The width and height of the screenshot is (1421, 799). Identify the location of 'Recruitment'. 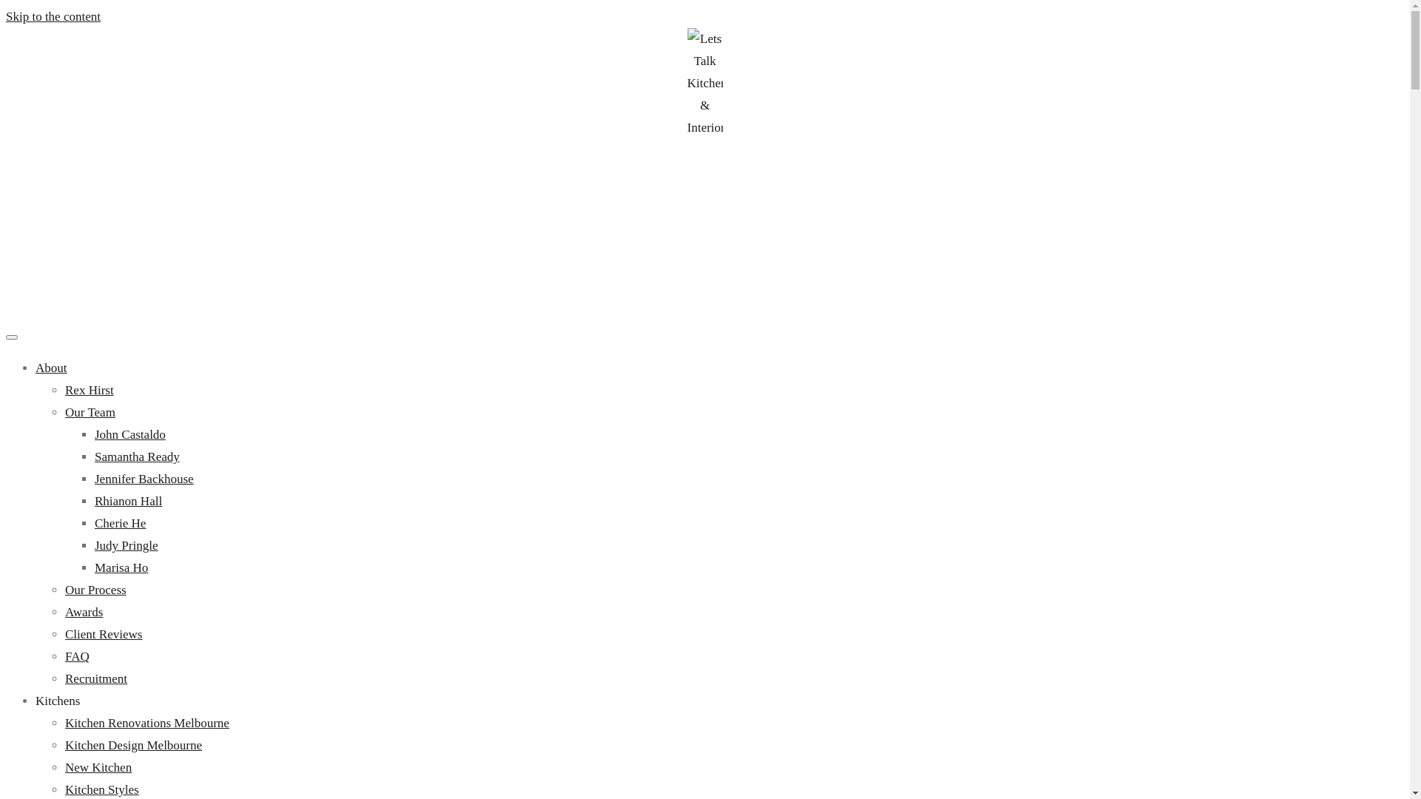
(95, 678).